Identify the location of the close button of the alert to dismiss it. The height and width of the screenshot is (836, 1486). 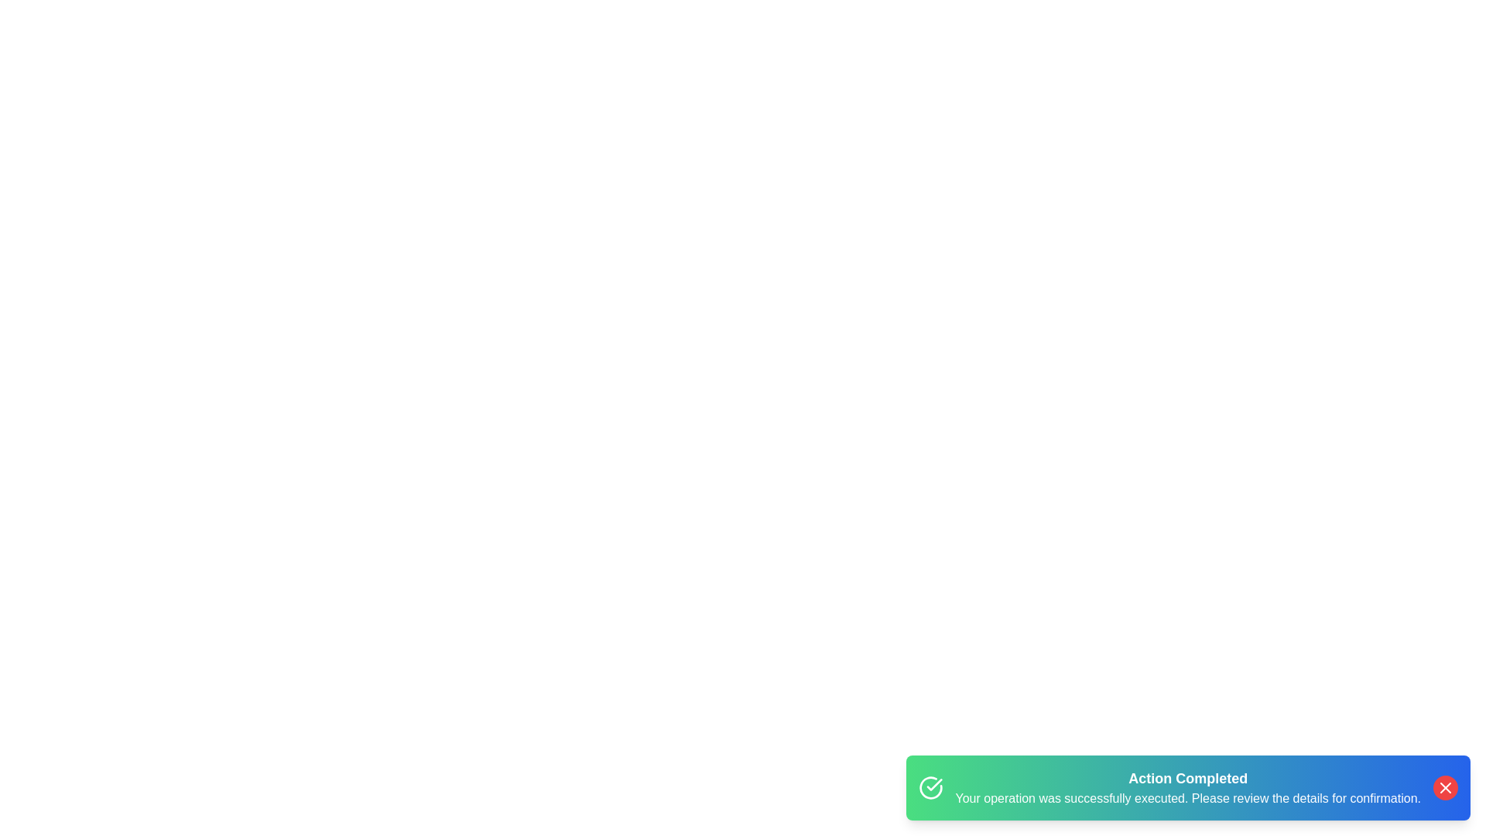
(1444, 788).